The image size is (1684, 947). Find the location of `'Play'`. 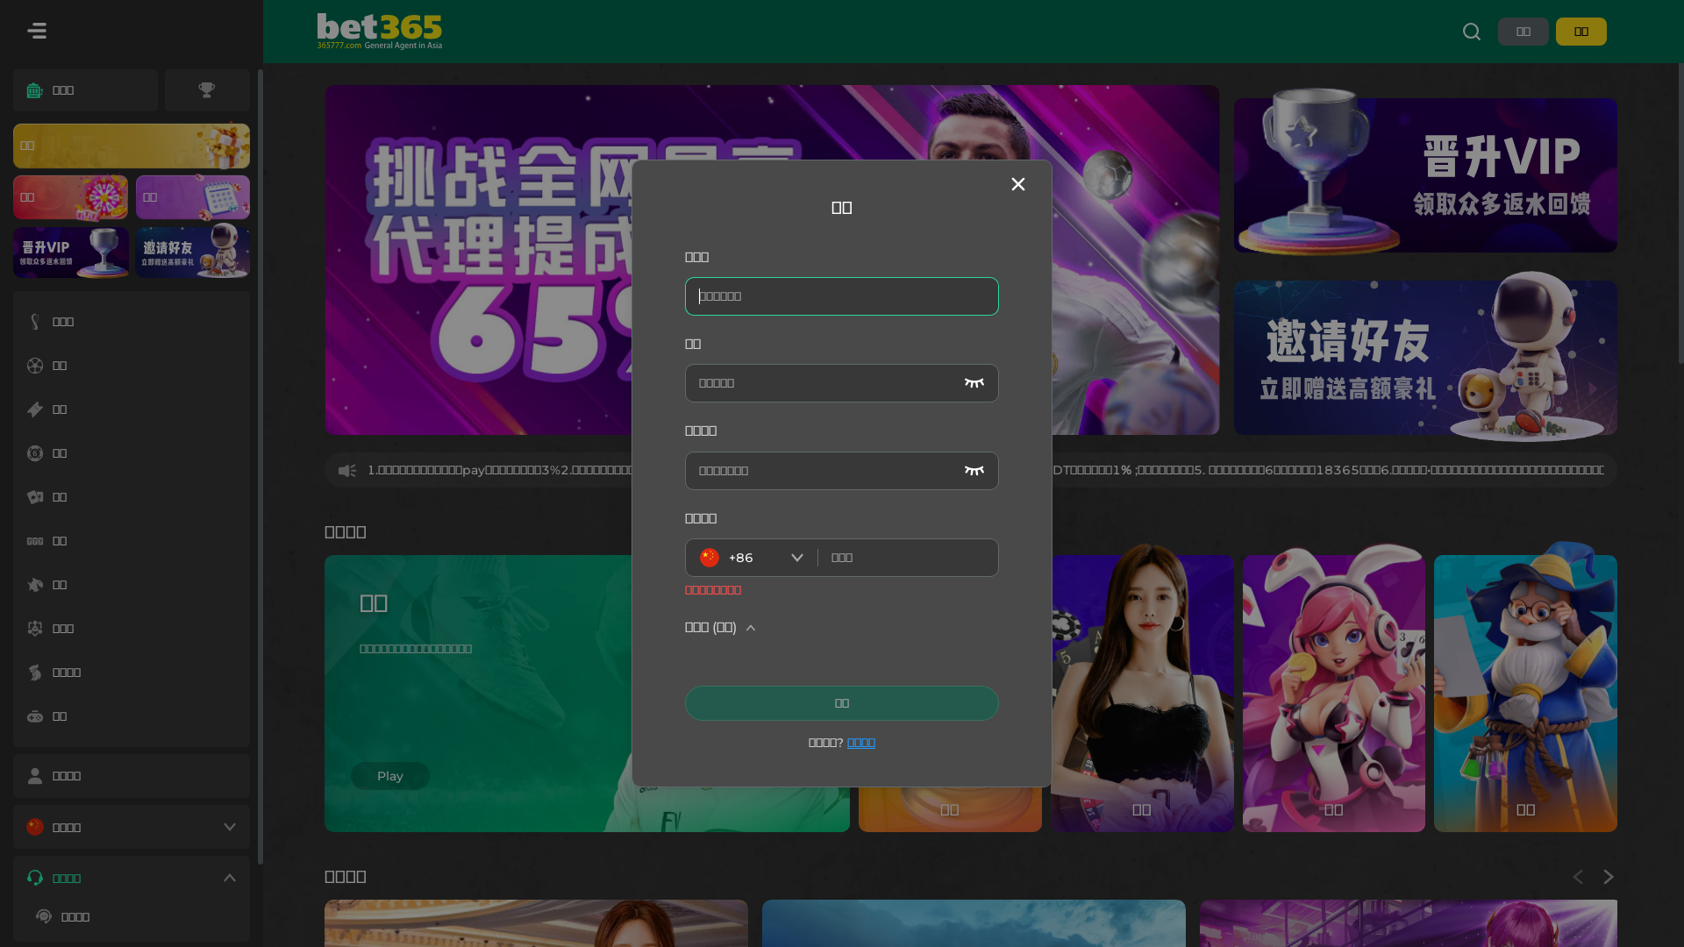

'Play' is located at coordinates (389, 774).